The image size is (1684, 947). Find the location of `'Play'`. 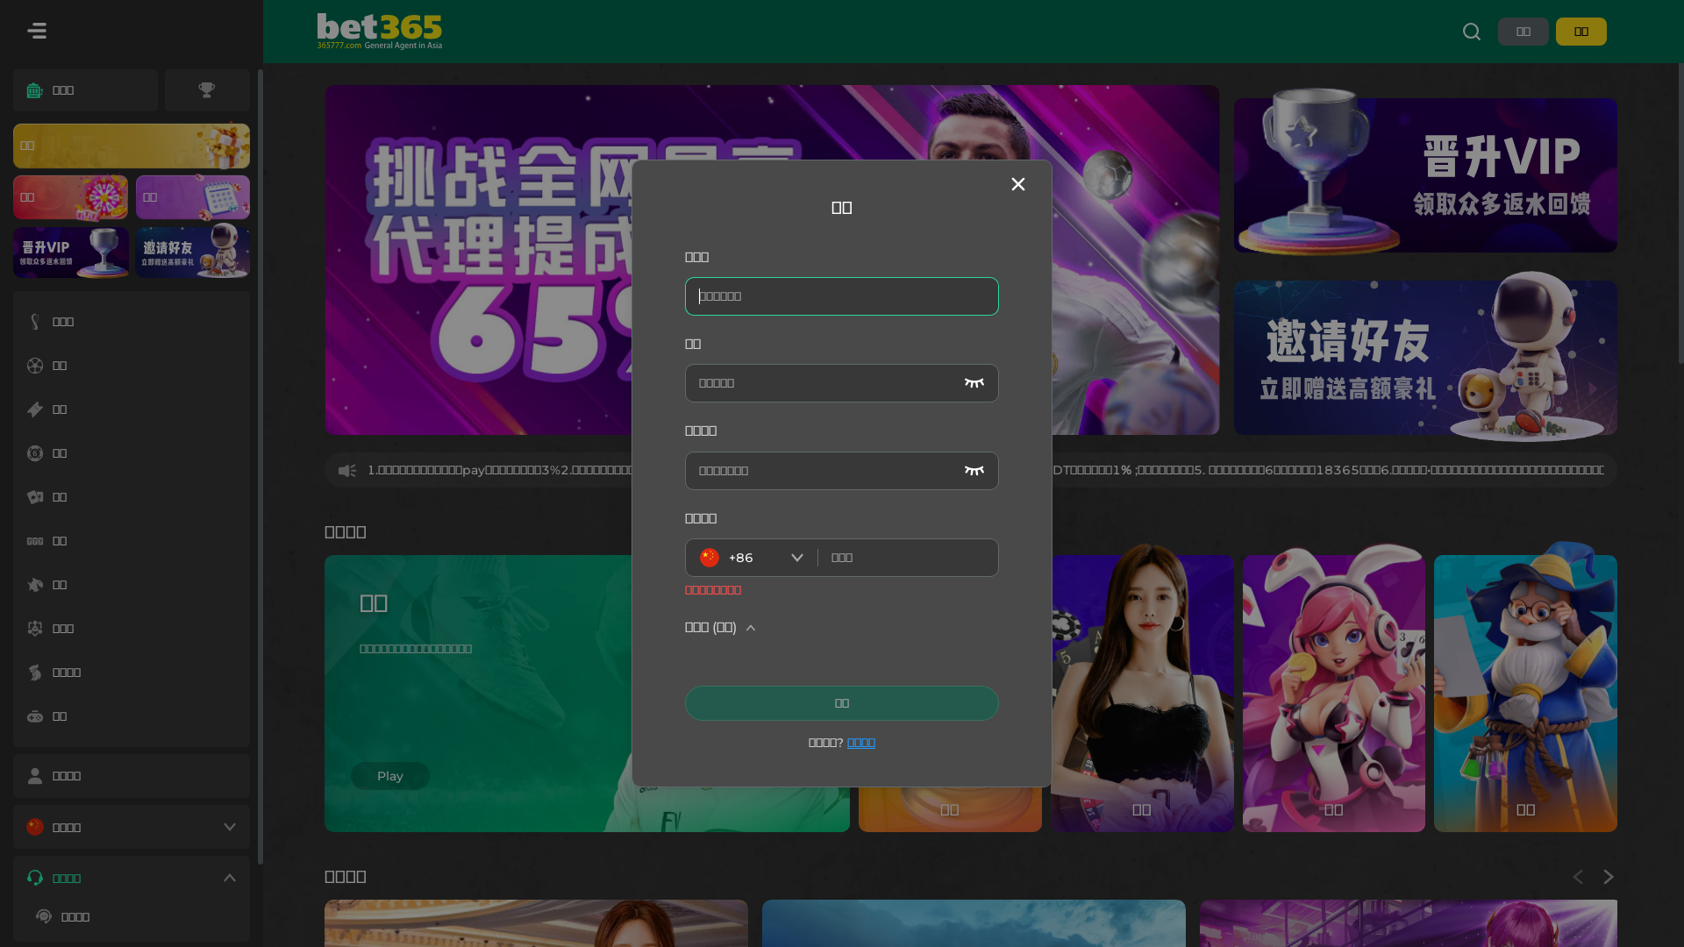

'Play' is located at coordinates (389, 774).